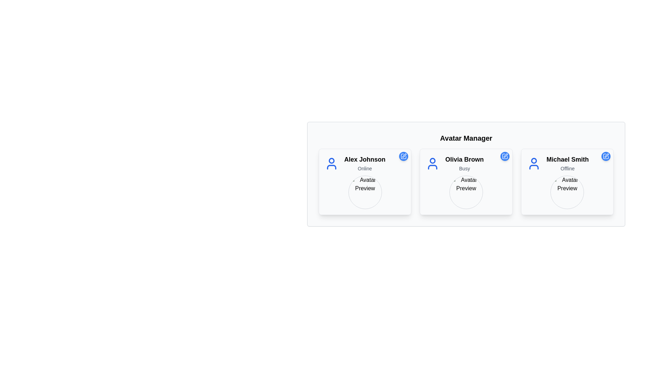  Describe the element at coordinates (505, 155) in the screenshot. I see `the small blue pen icon located in the top-right corner of the card for 'Olivia Brown' in the Avatar Manager interface` at that location.